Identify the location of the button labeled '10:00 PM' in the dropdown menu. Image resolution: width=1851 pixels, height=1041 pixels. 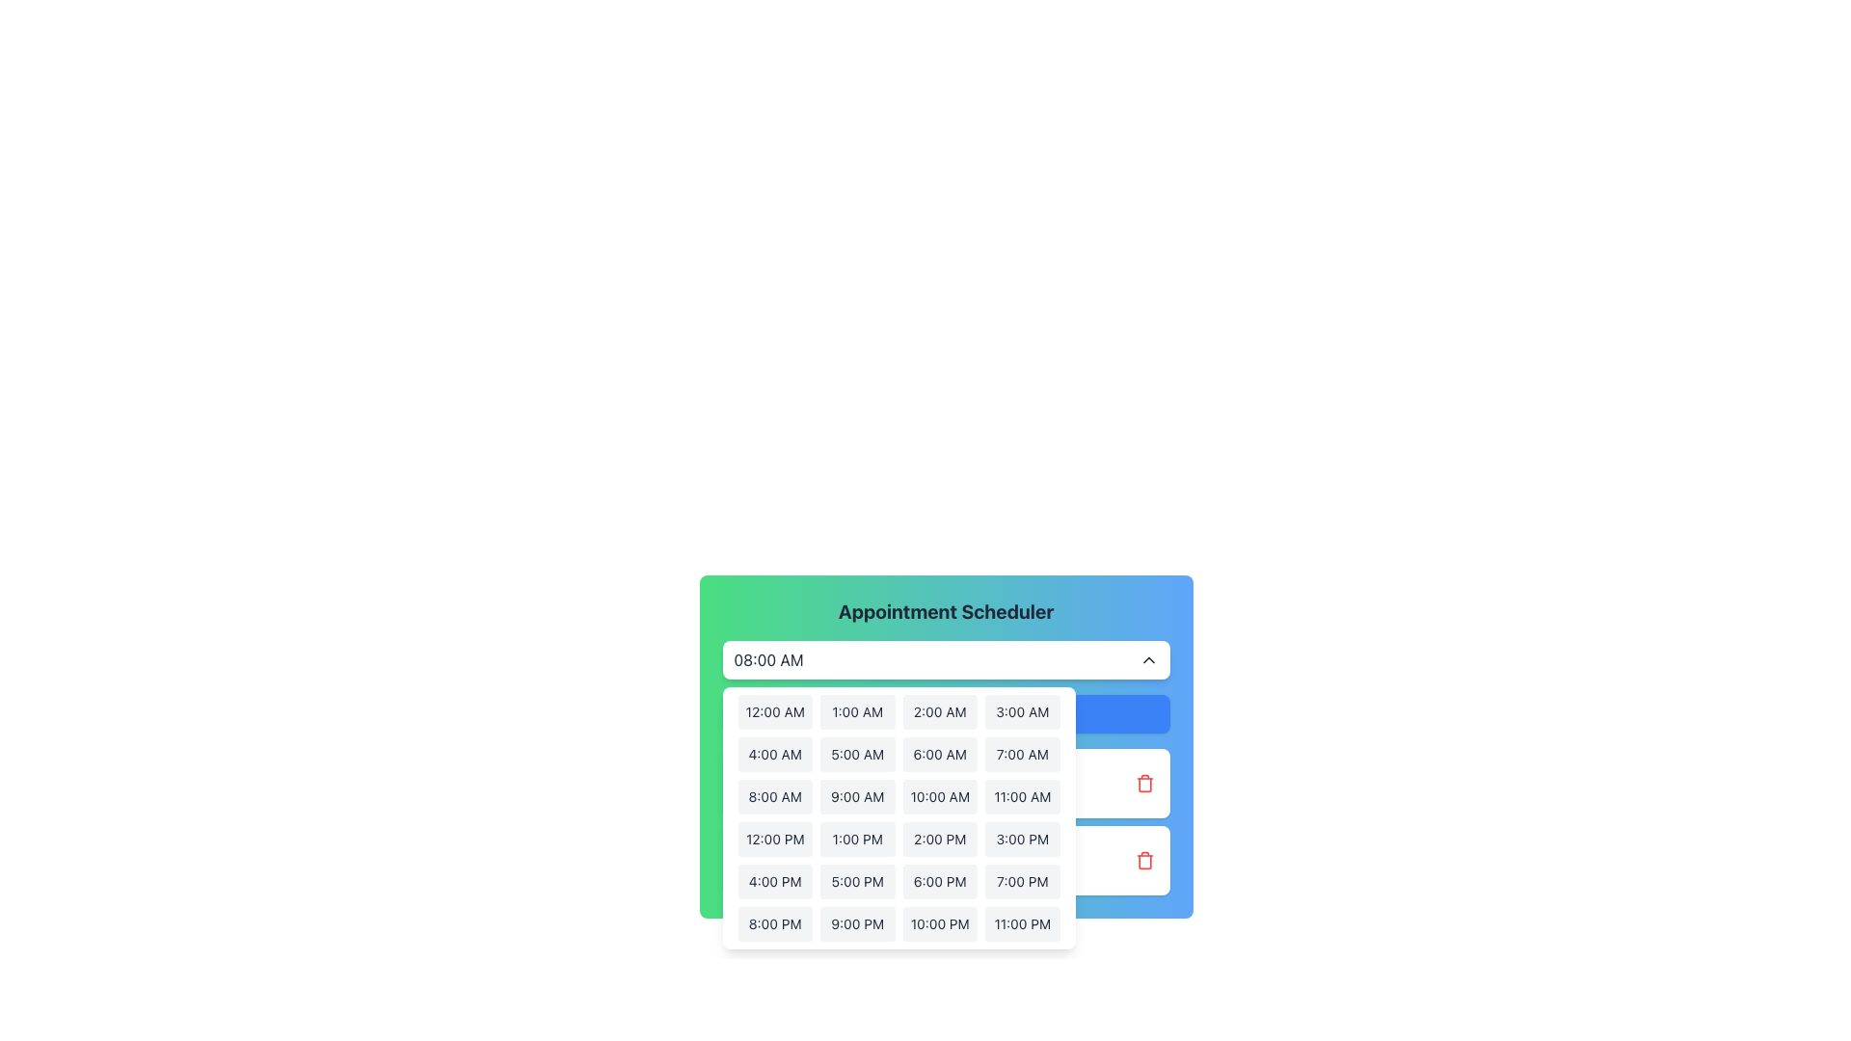
(940, 923).